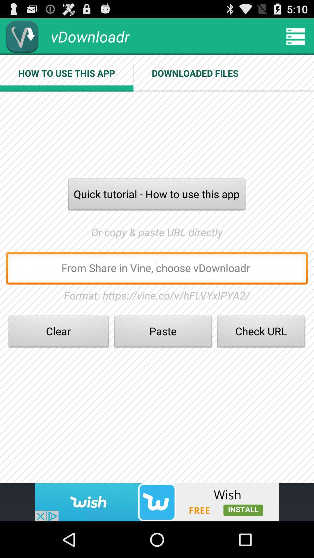 The height and width of the screenshot is (558, 314). What do you see at coordinates (296, 36) in the screenshot?
I see `navigation menu` at bounding box center [296, 36].